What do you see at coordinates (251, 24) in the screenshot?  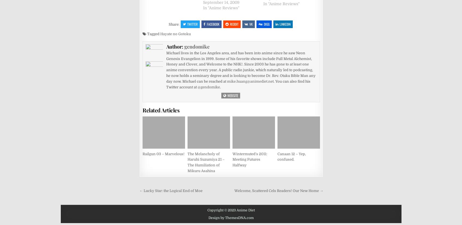 I see `'VK'` at bounding box center [251, 24].